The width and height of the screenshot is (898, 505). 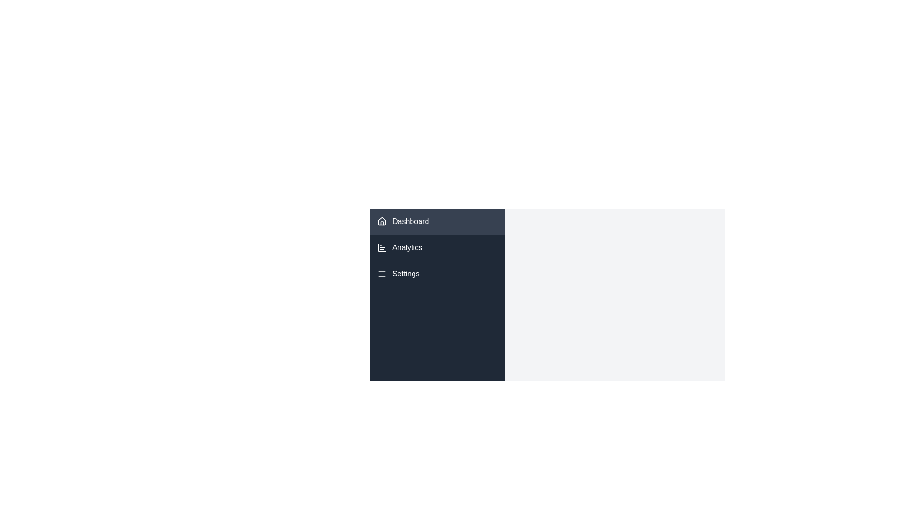 What do you see at coordinates (437, 247) in the screenshot?
I see `the navigational button for 'Analytics' located in the vertical menu of the sidebar, positioned below 'Dashboard' and above 'Settings'` at bounding box center [437, 247].